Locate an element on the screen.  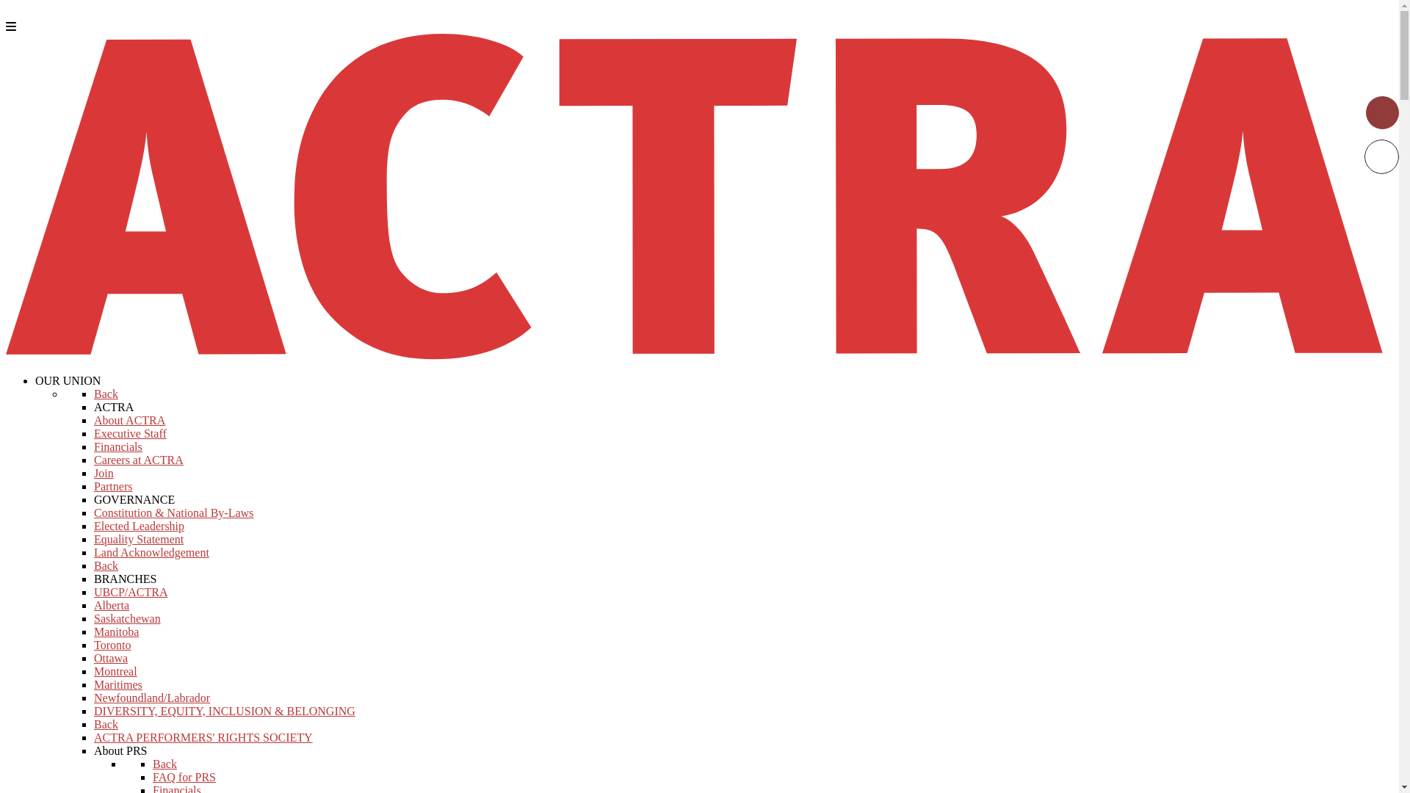
'Back' is located at coordinates (93, 723).